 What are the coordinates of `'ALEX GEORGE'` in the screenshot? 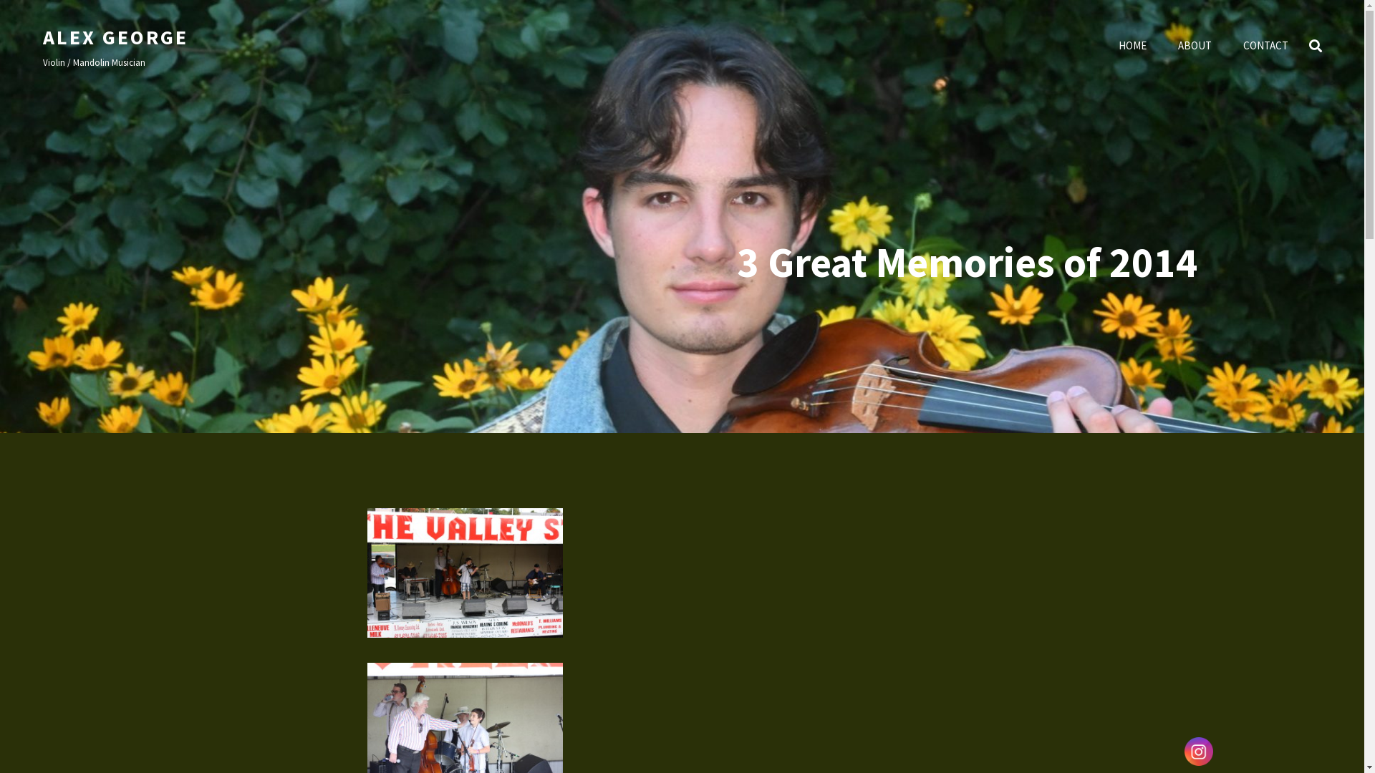 It's located at (115, 36).